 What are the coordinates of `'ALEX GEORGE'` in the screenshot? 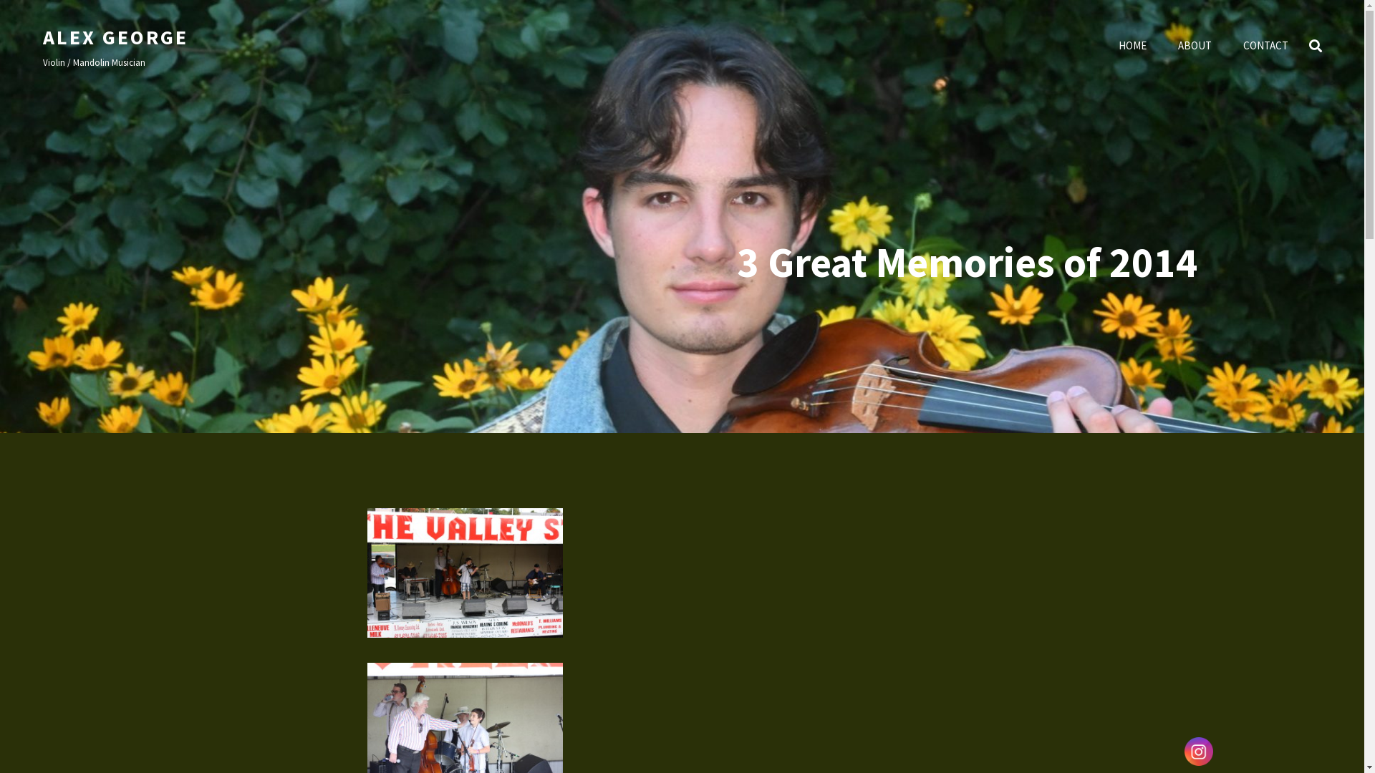 It's located at (115, 36).